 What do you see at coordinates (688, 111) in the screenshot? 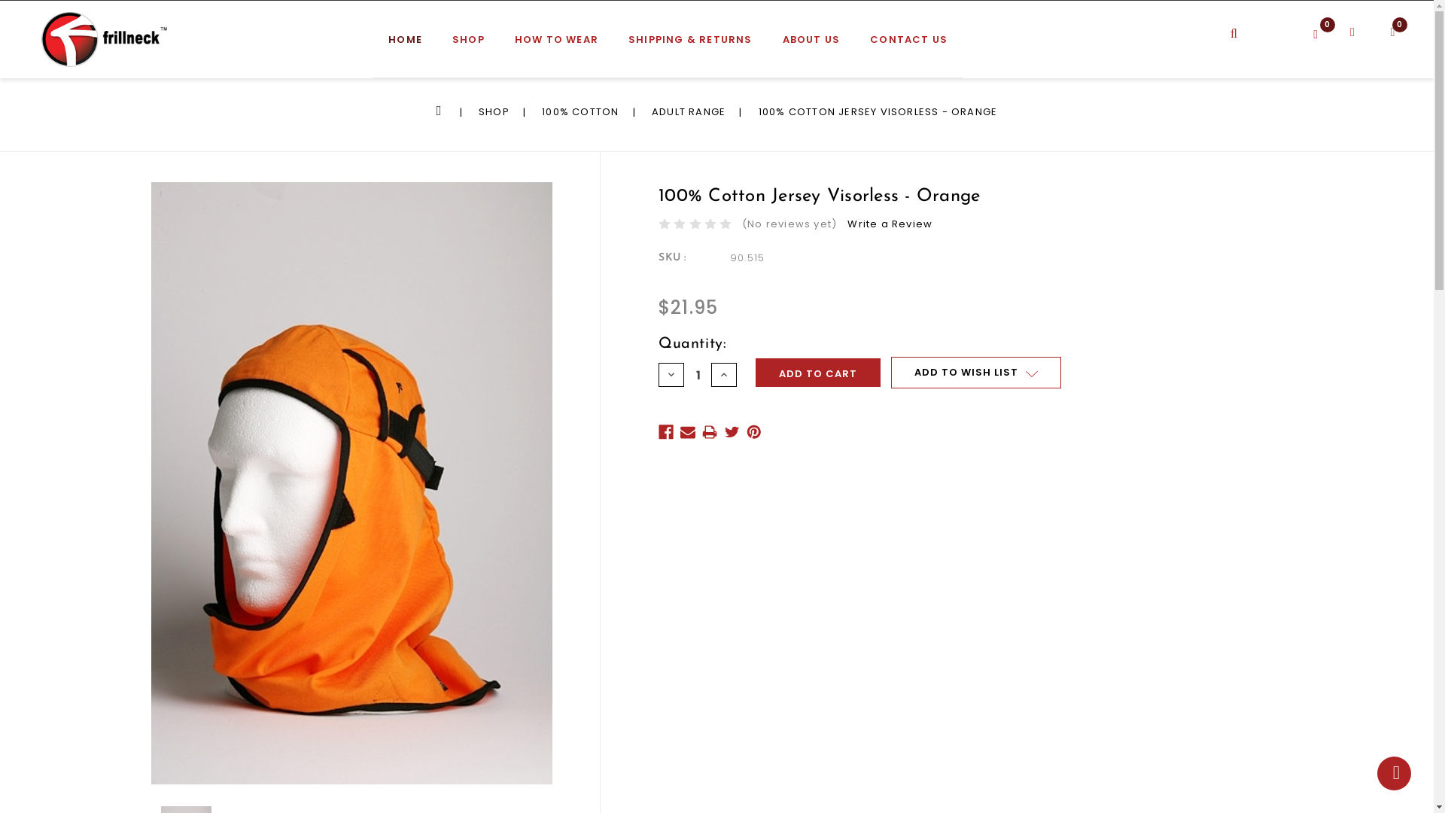
I see `'ADULT RANGE'` at bounding box center [688, 111].